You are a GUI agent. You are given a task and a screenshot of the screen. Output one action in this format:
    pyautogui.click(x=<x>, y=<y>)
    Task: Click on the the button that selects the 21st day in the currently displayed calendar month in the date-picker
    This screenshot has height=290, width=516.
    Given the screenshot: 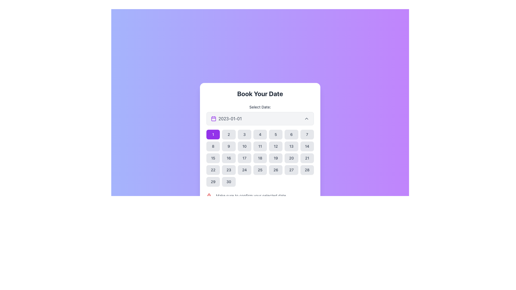 What is the action you would take?
    pyautogui.click(x=307, y=158)
    